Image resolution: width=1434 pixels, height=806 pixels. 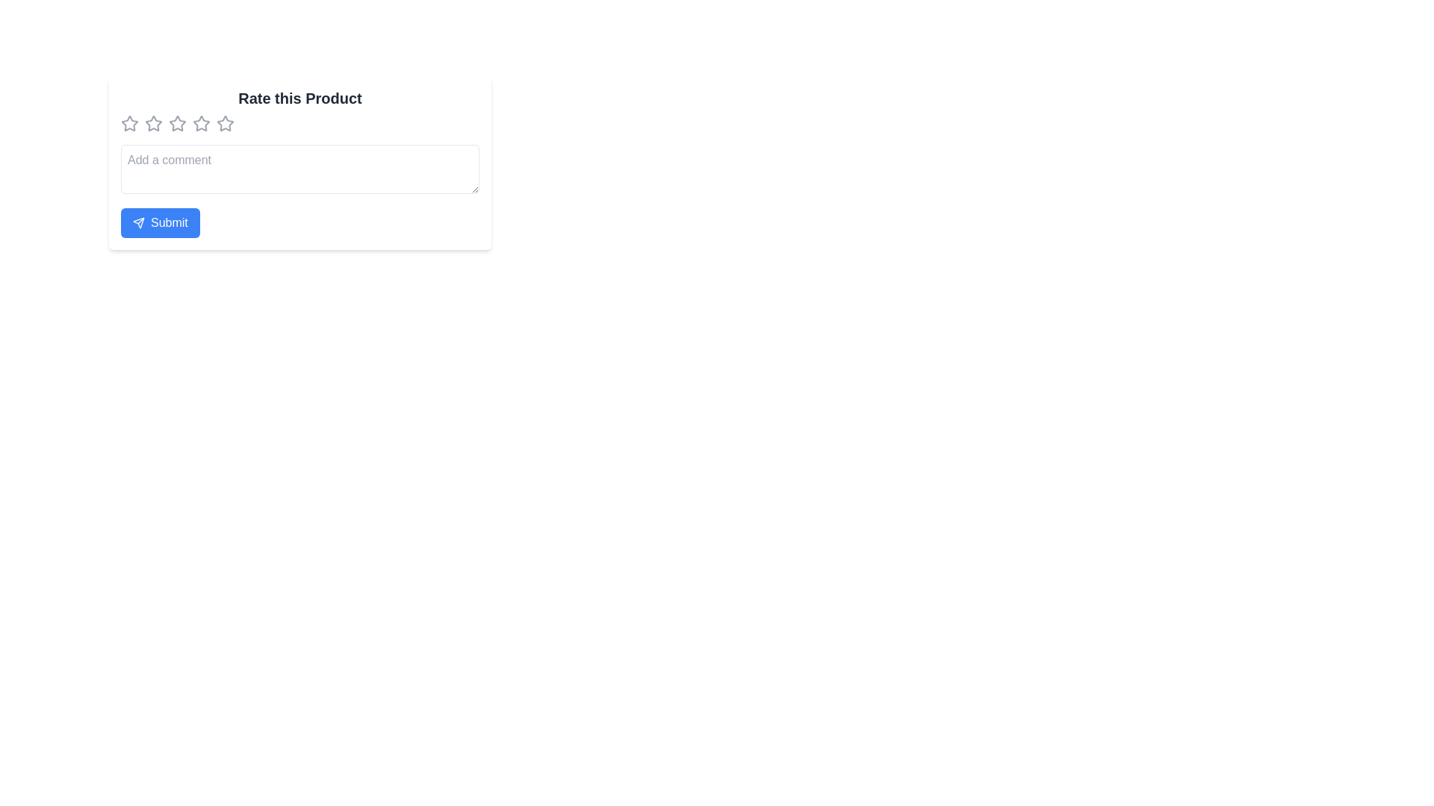 I want to click on the 'Submit' button located in the bottom-left part of the interface, aligned horizontally with the input field for submitting user feedback, so click(x=160, y=223).